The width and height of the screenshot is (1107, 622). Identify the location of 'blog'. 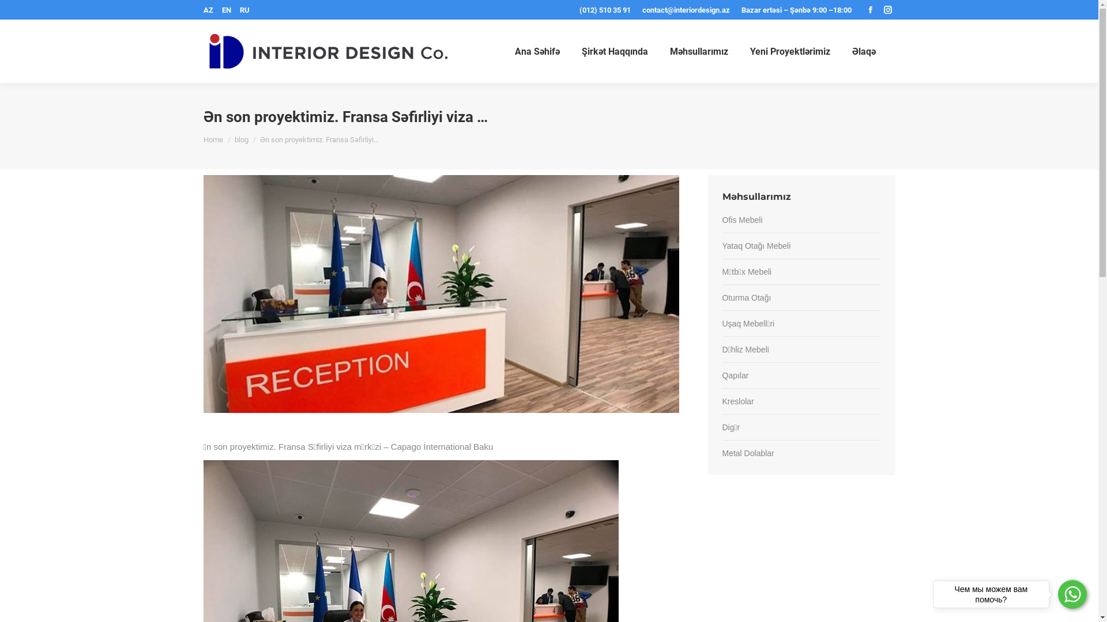
(234, 138).